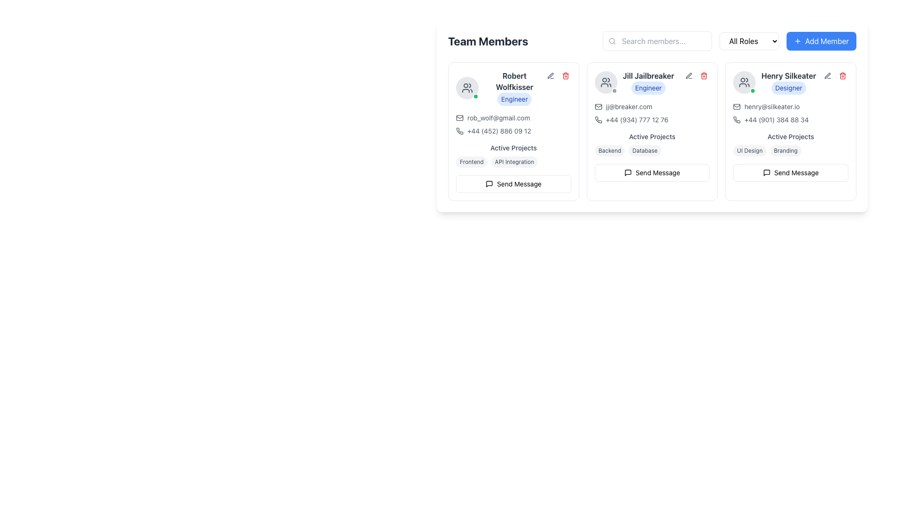 Image resolution: width=900 pixels, height=506 pixels. I want to click on the 'Send Message' button, which has a white background, black border, and a speech bubble icon, located below the 'Active Projects' section in Robert Wolfkisser's card, so click(513, 184).